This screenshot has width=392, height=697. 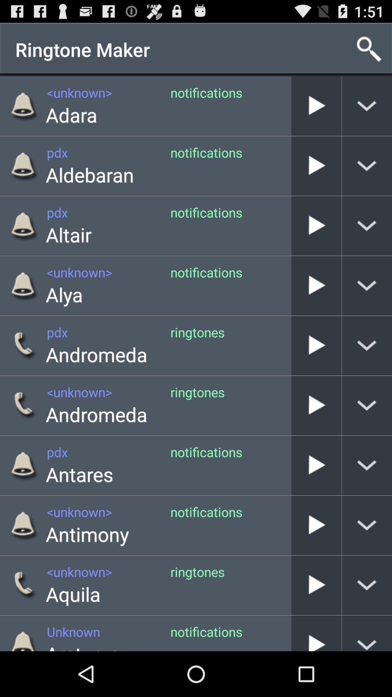 What do you see at coordinates (316, 465) in the screenshot?
I see `selection` at bounding box center [316, 465].